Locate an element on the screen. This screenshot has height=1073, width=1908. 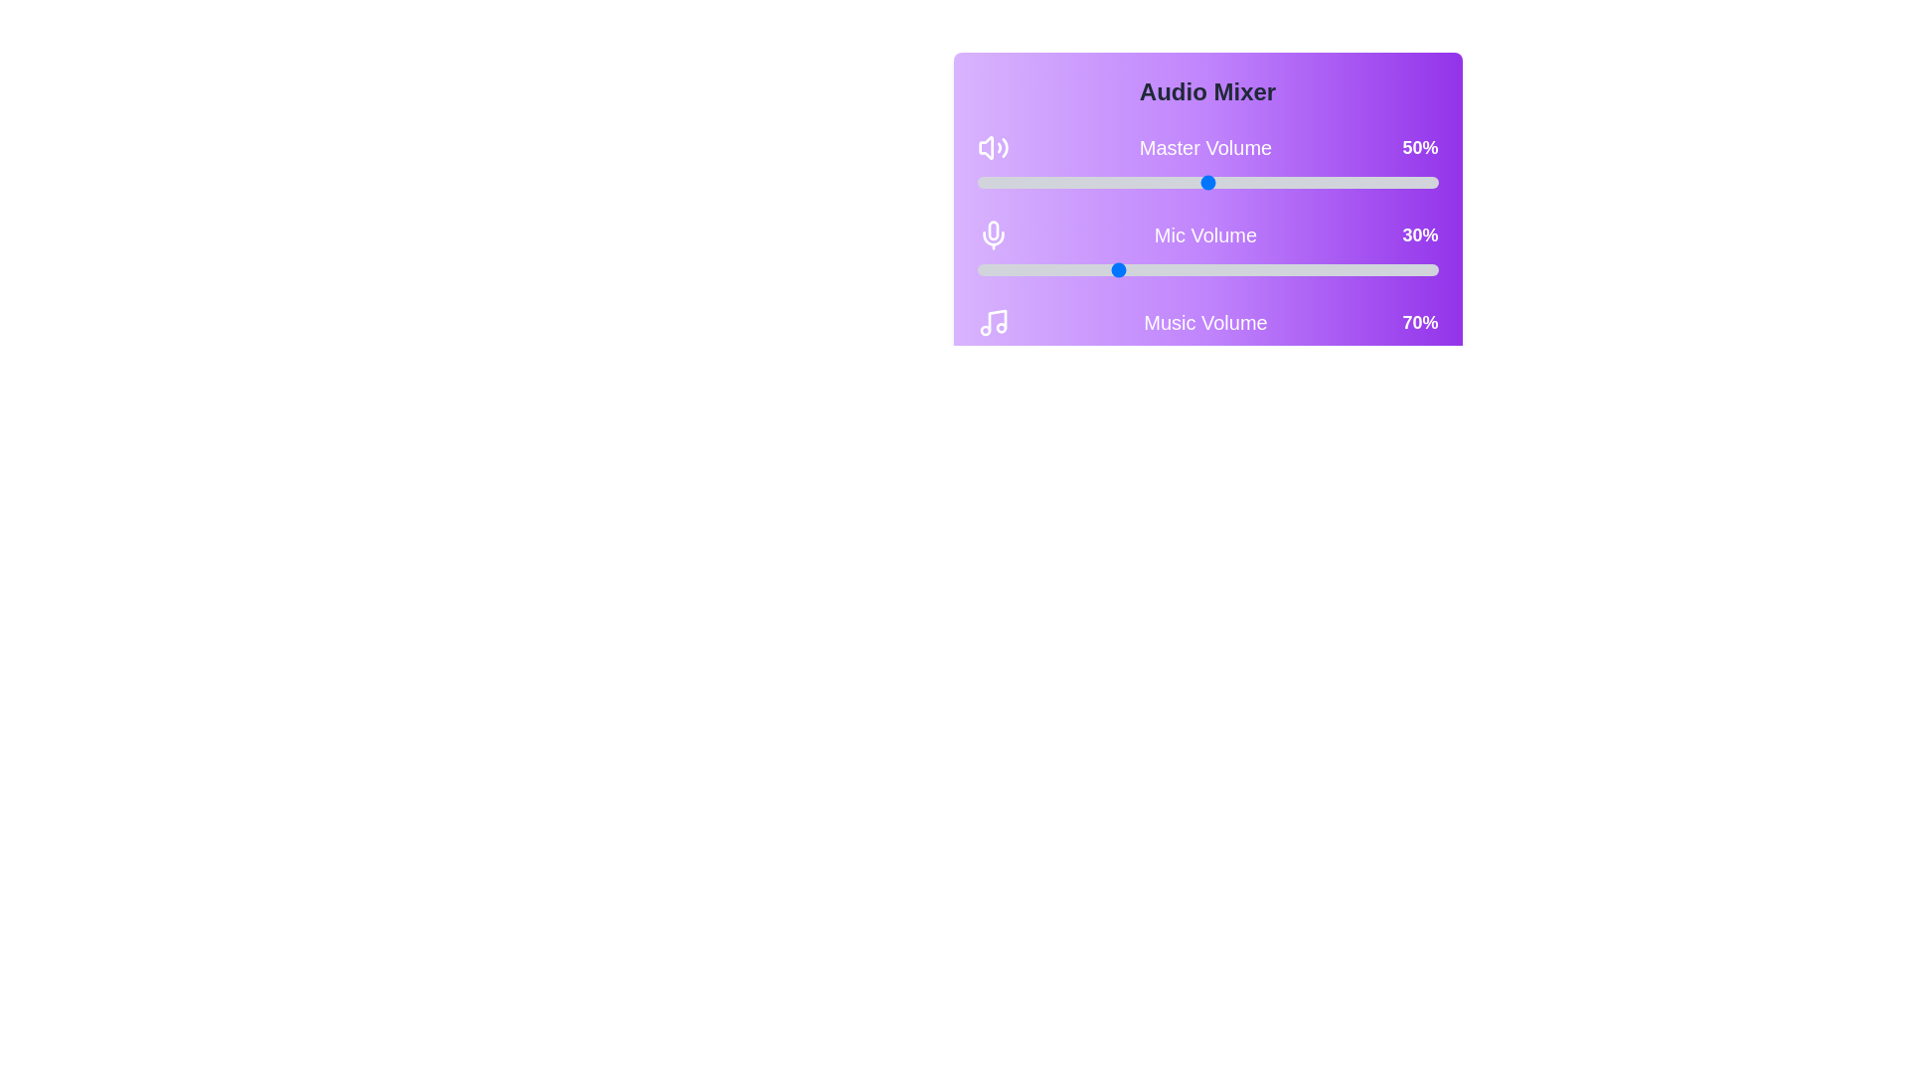
the microphone volume level is located at coordinates (1134, 270).